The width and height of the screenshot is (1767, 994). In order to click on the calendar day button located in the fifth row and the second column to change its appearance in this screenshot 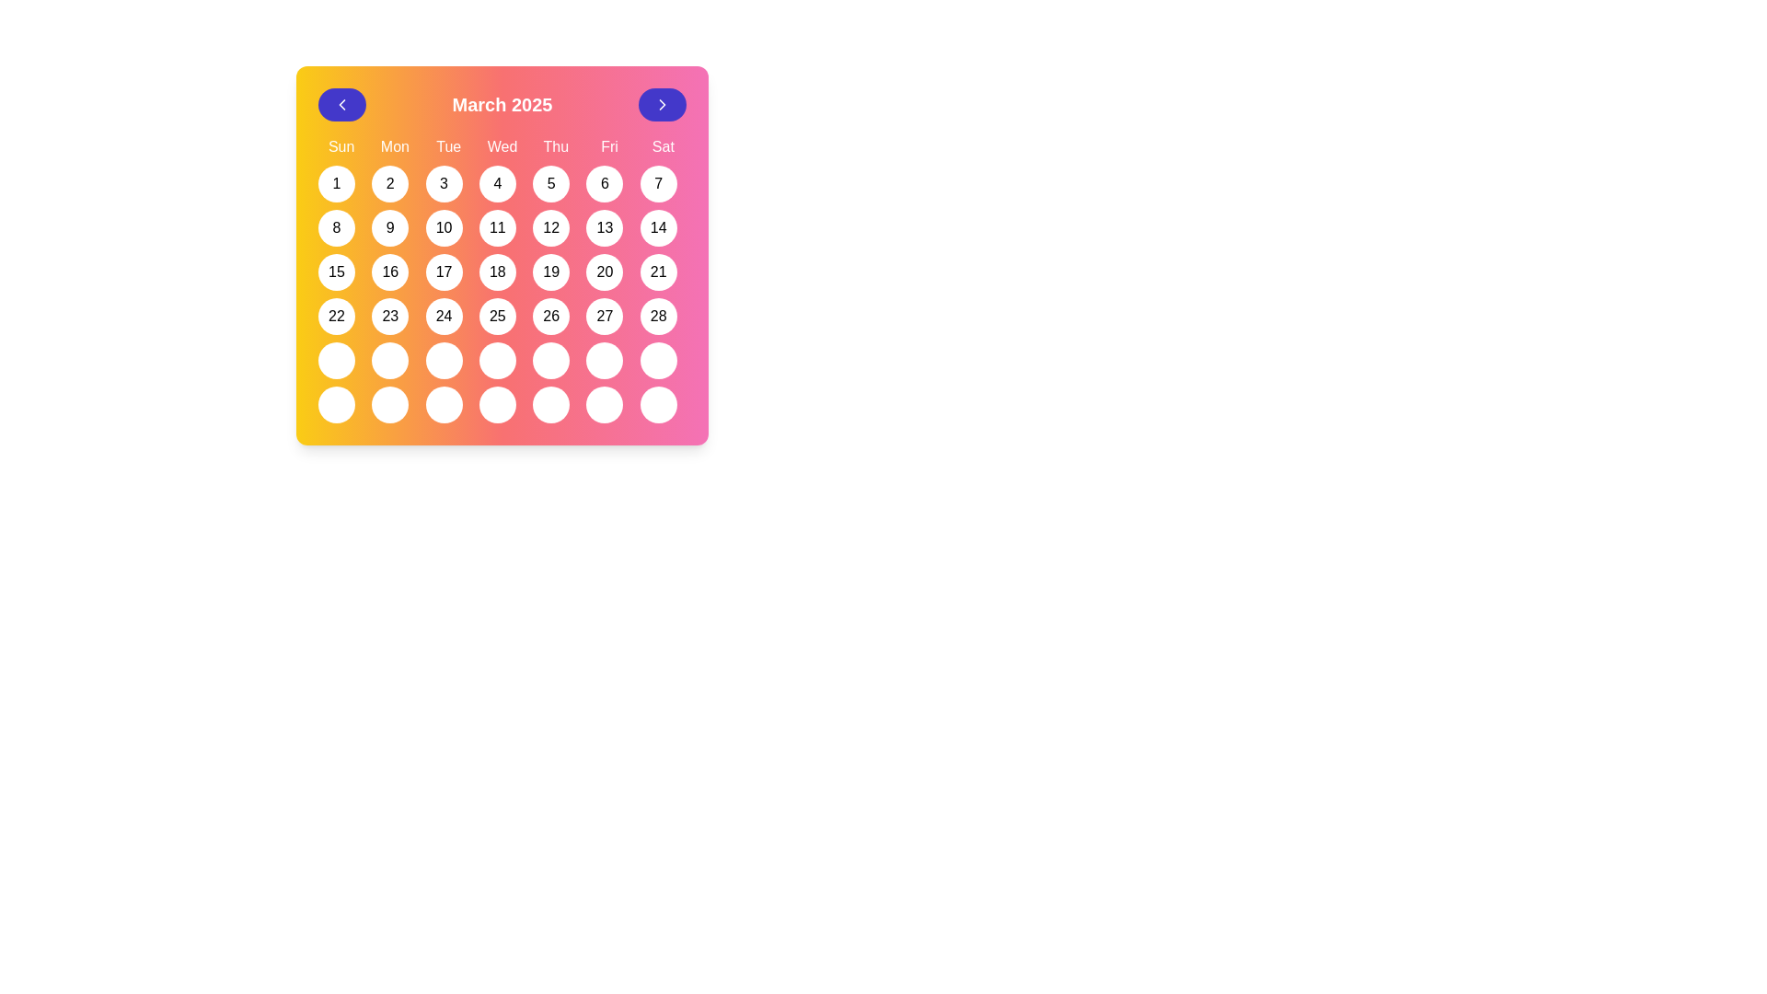, I will do `click(389, 361)`.